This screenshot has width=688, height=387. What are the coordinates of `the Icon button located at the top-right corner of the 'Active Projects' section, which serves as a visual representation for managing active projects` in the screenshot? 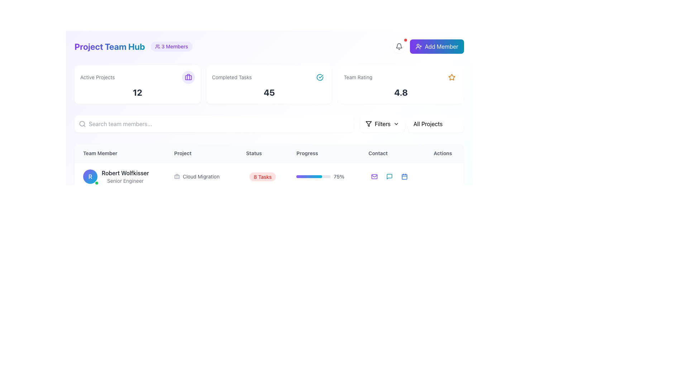 It's located at (188, 77).